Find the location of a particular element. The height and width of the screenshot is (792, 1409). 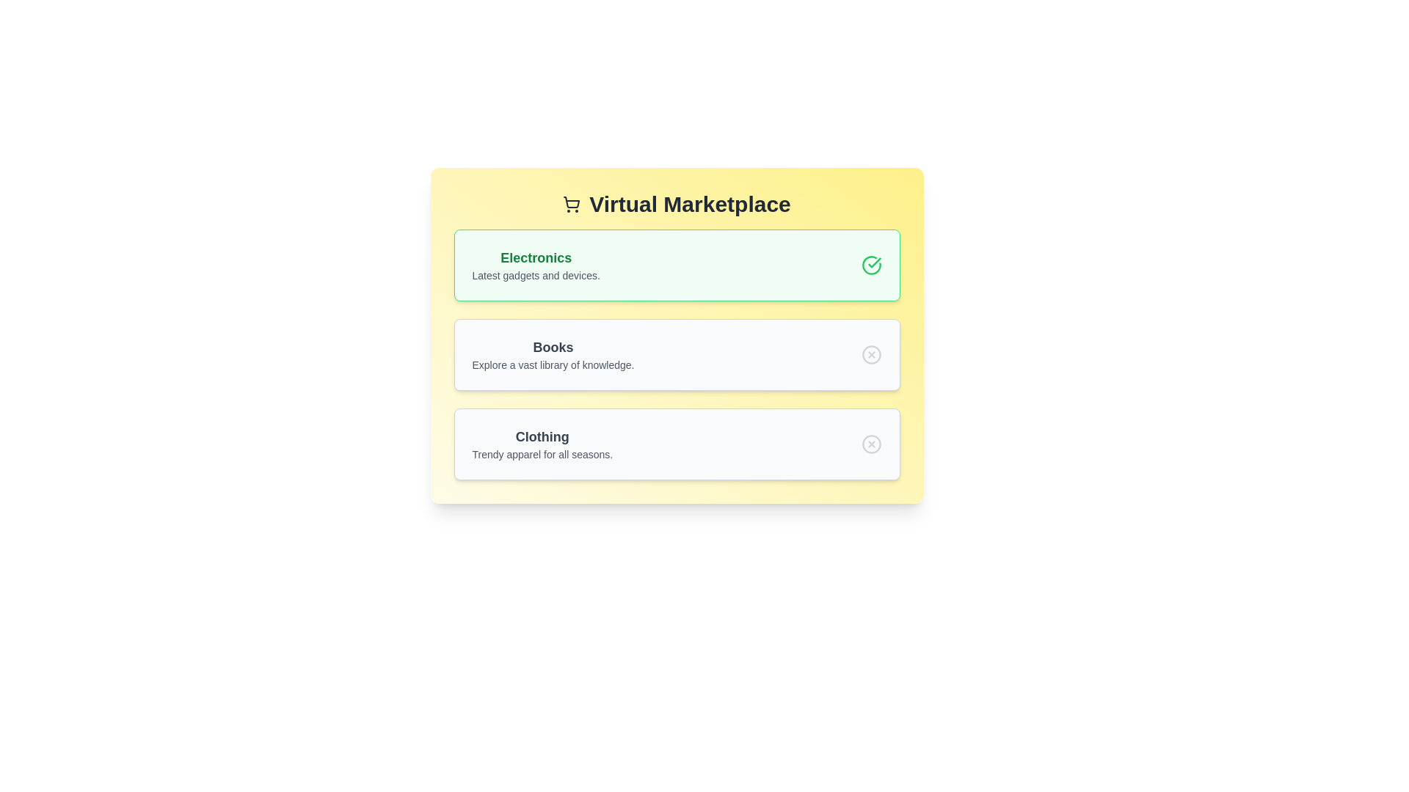

the title text of the component to select it is located at coordinates (676, 204).